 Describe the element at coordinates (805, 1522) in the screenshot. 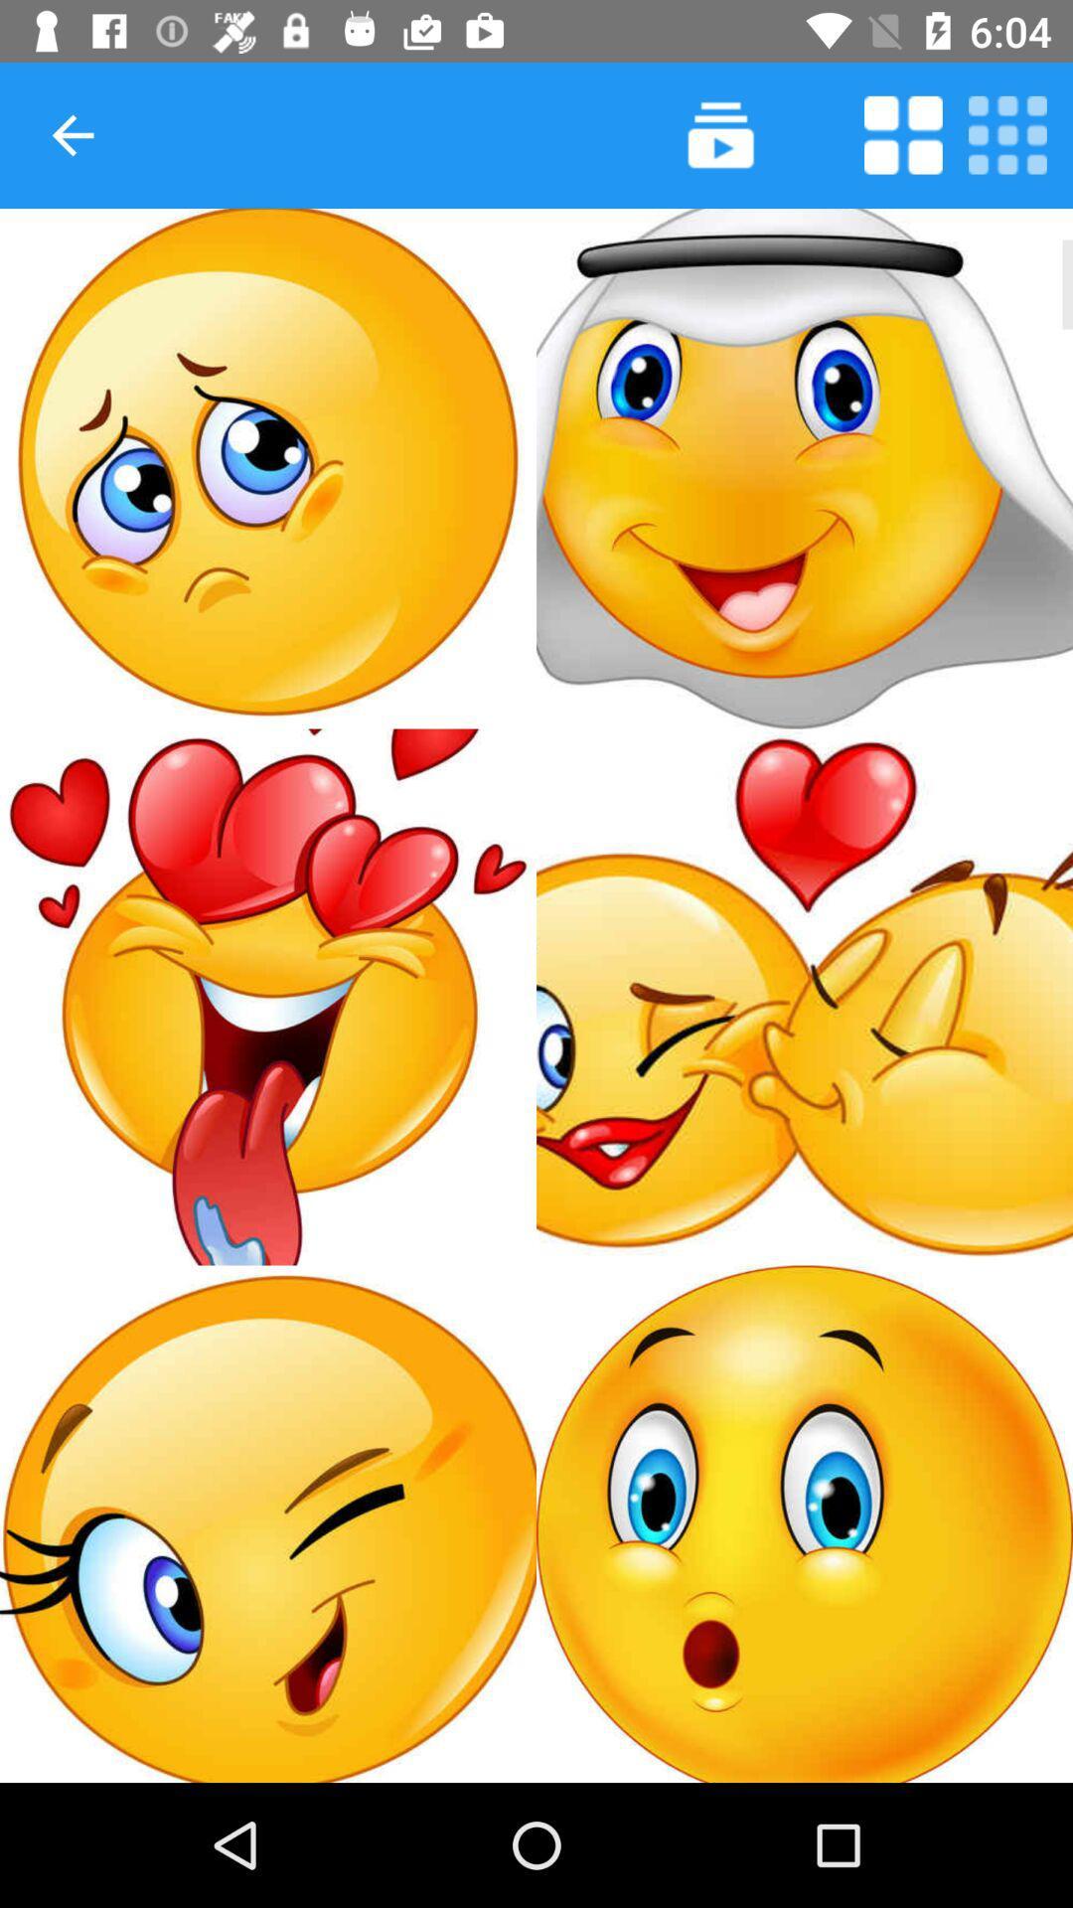

I see `choose surprised emoji` at that location.